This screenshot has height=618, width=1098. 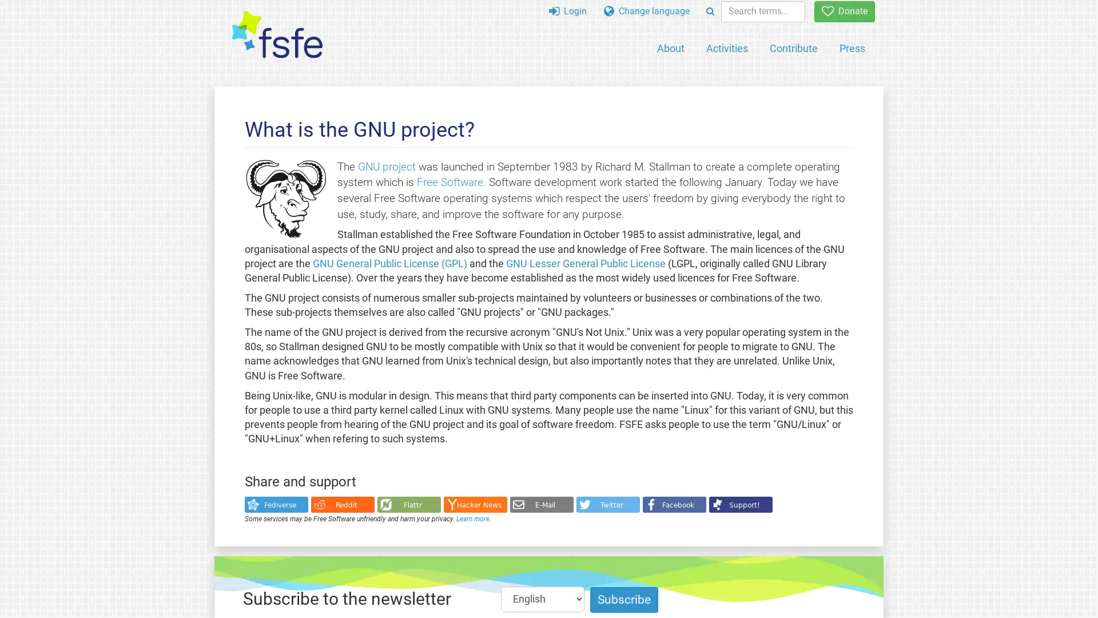 What do you see at coordinates (674, 504) in the screenshot?
I see `Facebook` at bounding box center [674, 504].